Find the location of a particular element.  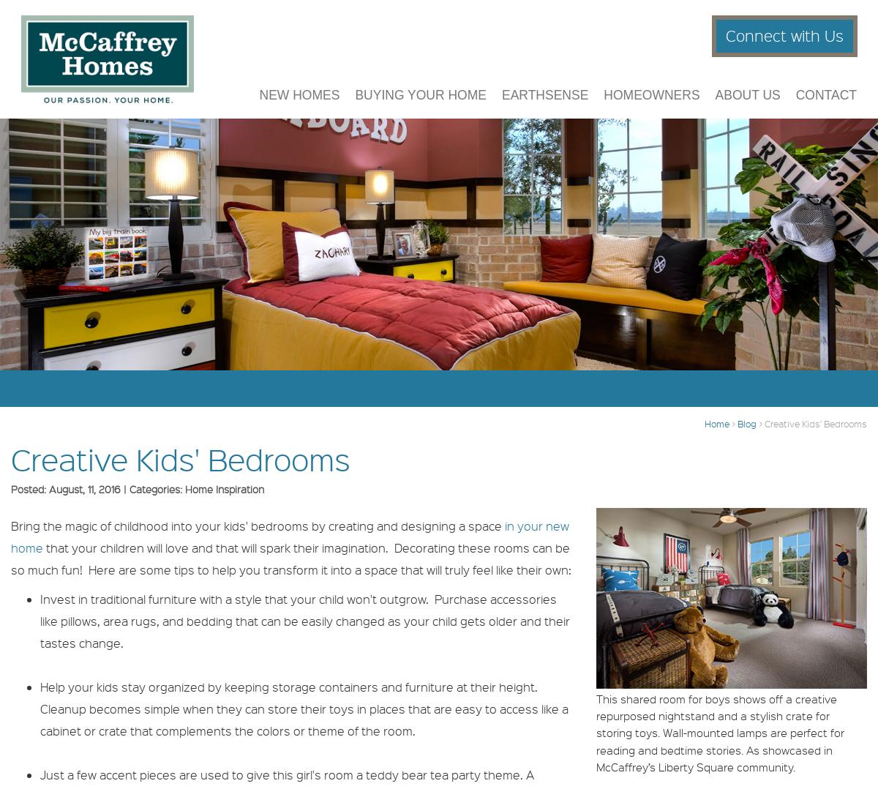

'CONTACT' is located at coordinates (825, 103).